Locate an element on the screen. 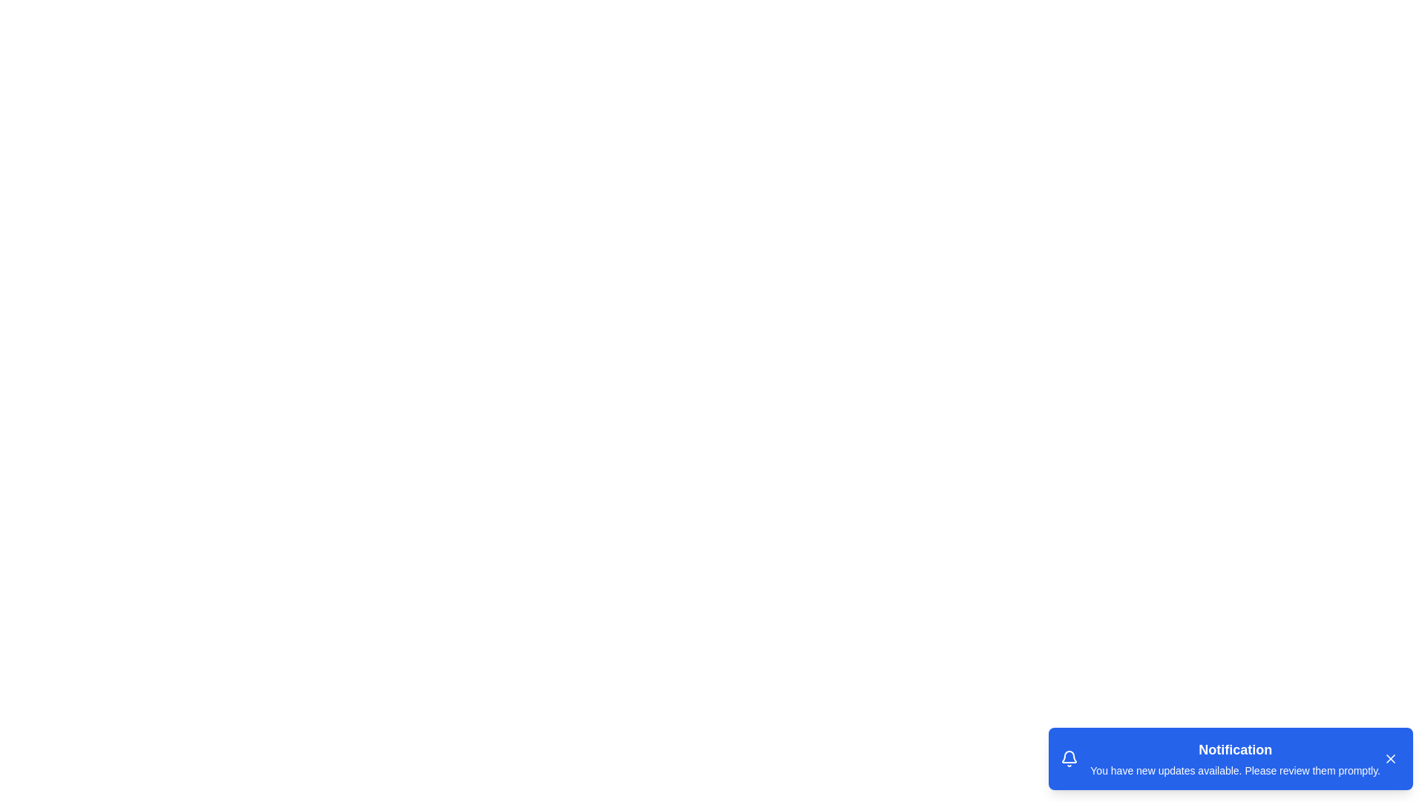 The image size is (1425, 802). the dismiss button to close the snackbar is located at coordinates (1389, 759).